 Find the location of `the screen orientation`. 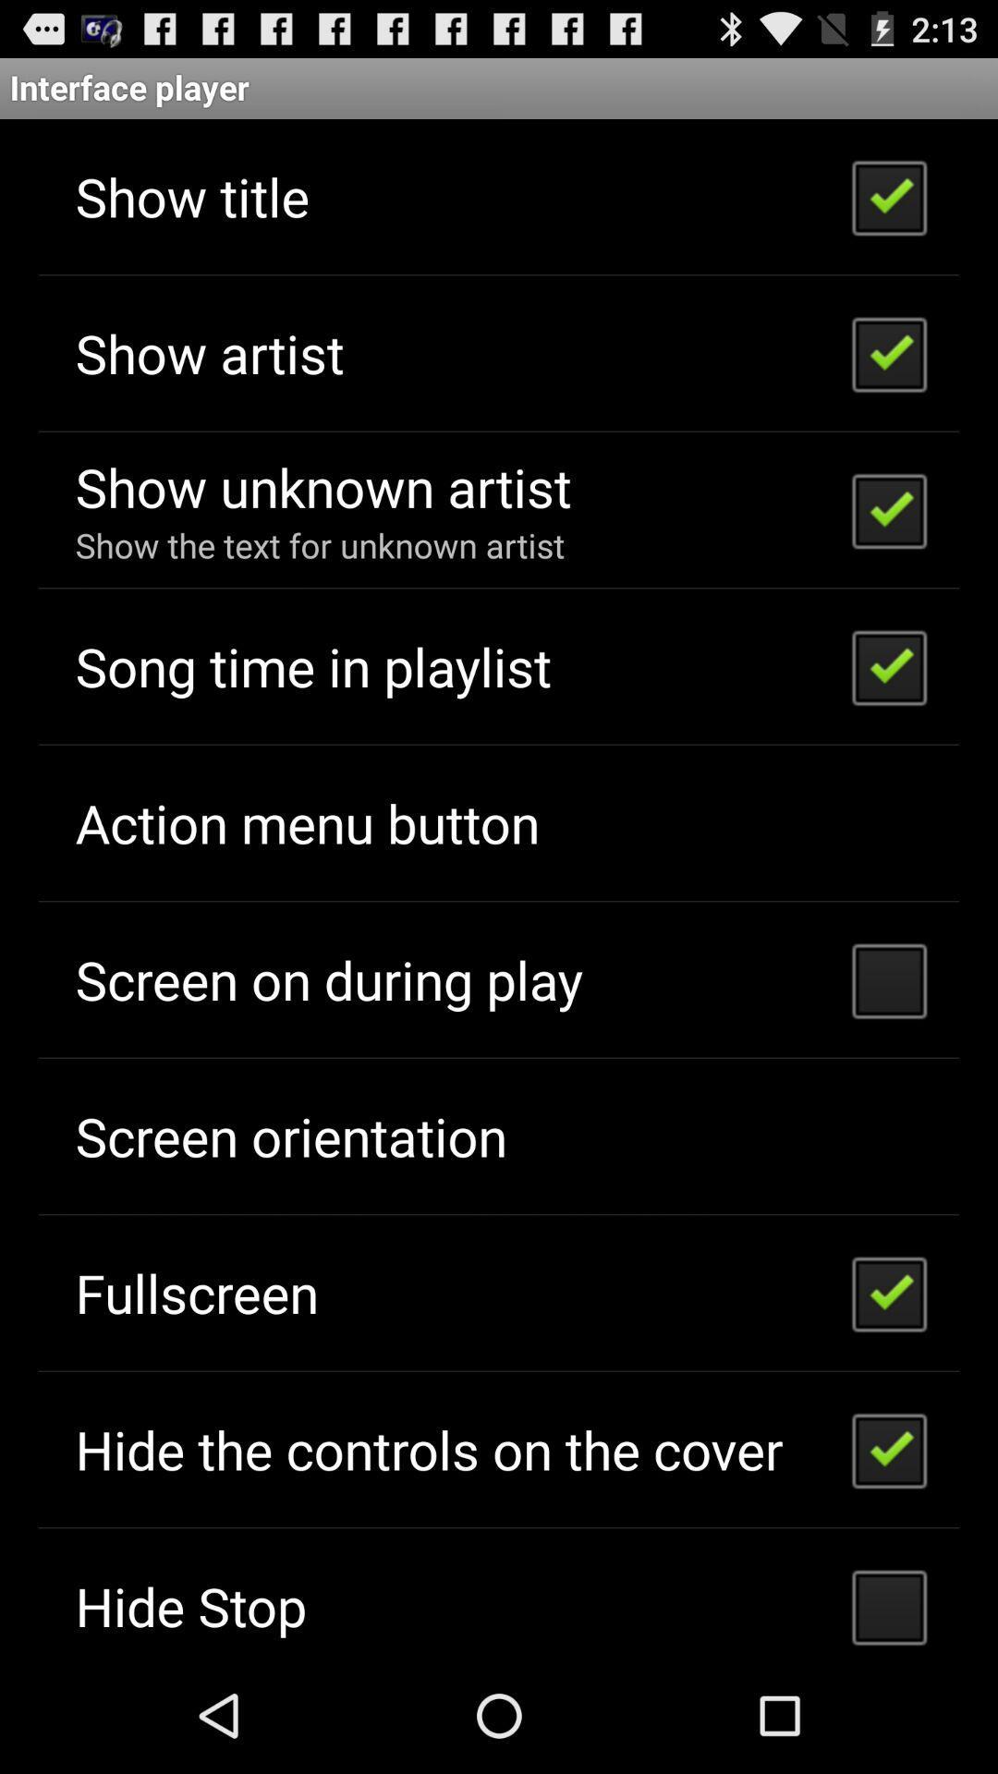

the screen orientation is located at coordinates (291, 1135).